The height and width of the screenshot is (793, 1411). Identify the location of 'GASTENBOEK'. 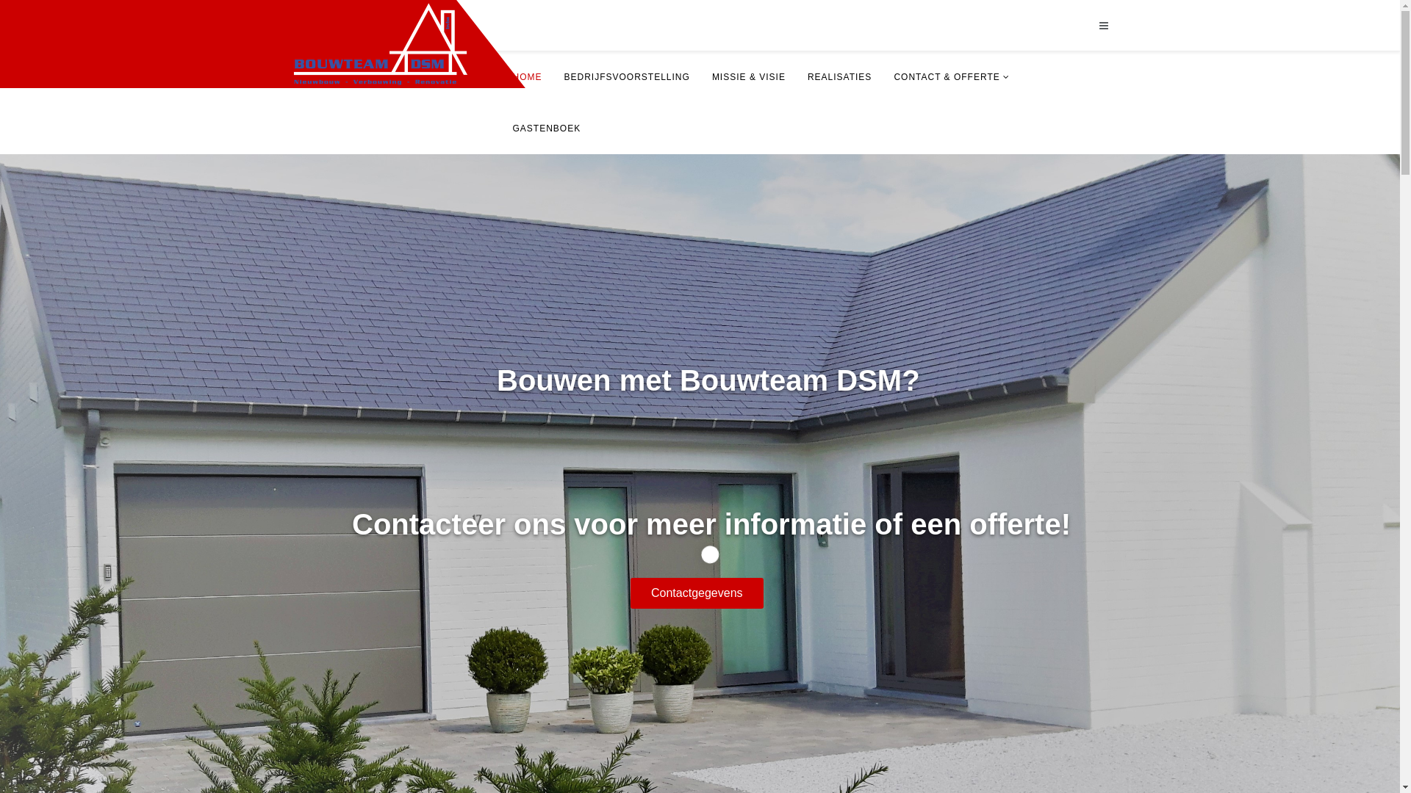
(500, 127).